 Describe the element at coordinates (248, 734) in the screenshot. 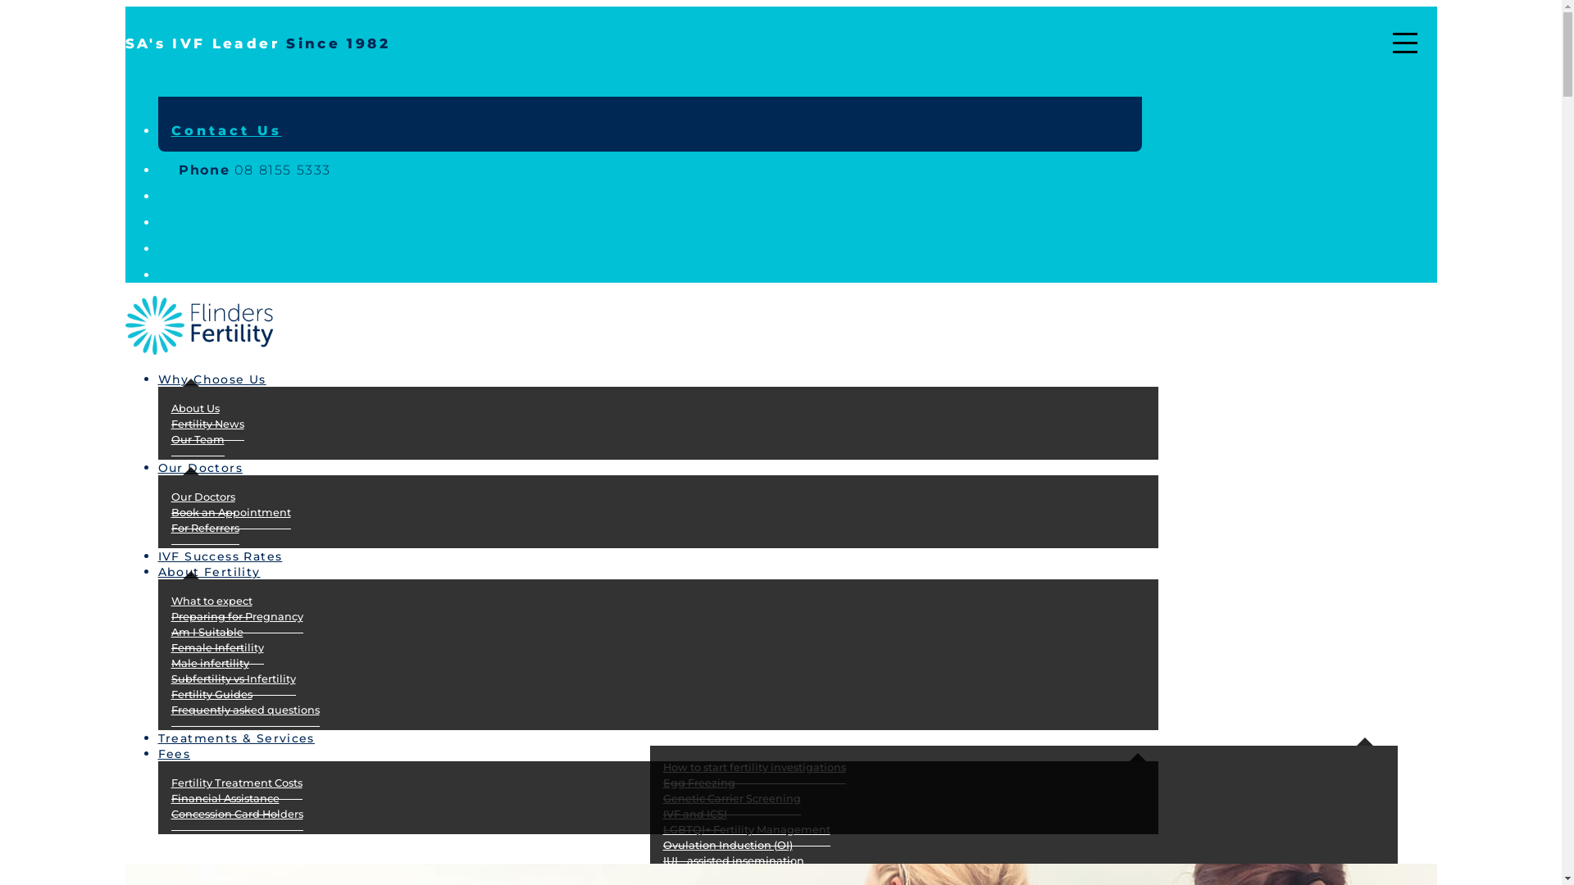

I see `'Treatments & Services'` at that location.